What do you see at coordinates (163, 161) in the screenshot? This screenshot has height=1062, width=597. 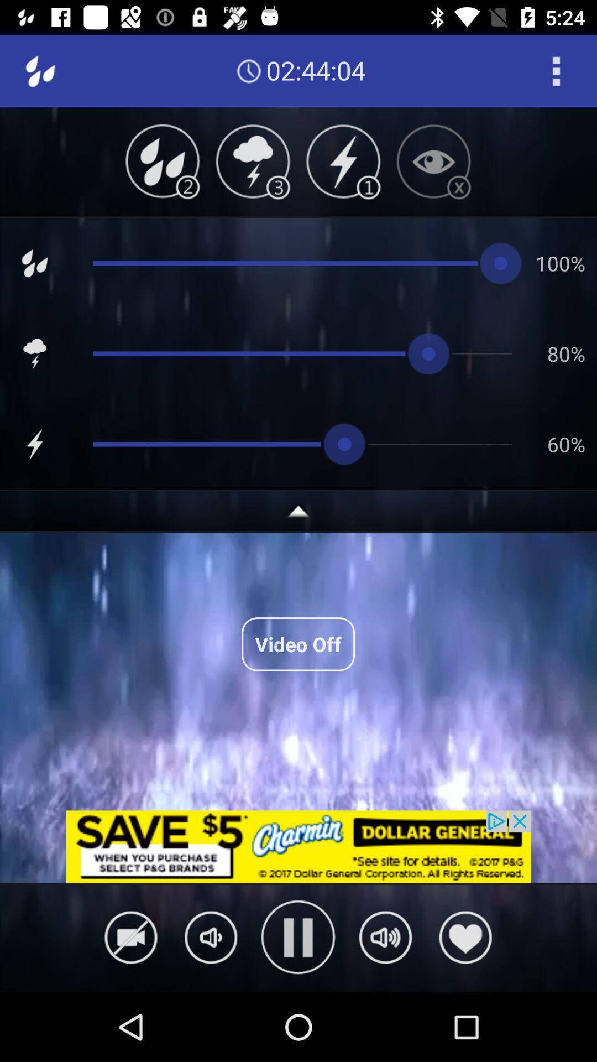 I see `the weather icon` at bounding box center [163, 161].